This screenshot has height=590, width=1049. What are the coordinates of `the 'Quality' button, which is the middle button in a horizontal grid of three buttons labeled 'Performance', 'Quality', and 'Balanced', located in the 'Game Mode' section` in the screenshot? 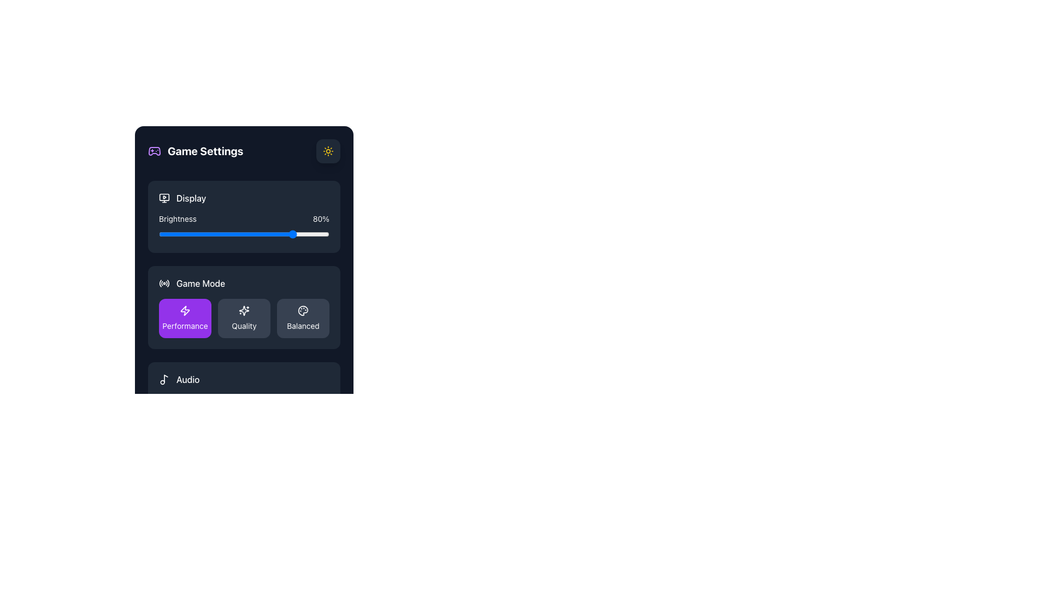 It's located at (243, 318).